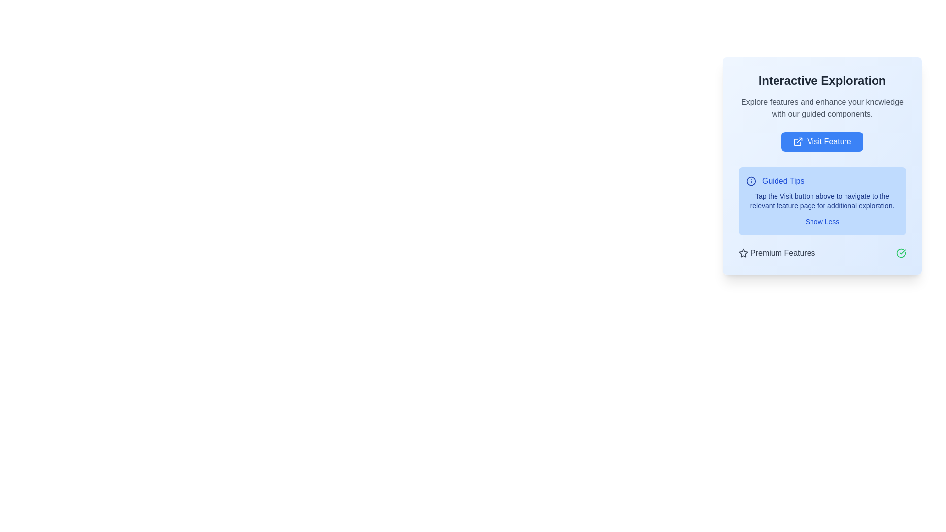 This screenshot has width=946, height=532. I want to click on the interactive hyperlink located at the bottom of the 'Guided Tips' section, so click(822, 222).